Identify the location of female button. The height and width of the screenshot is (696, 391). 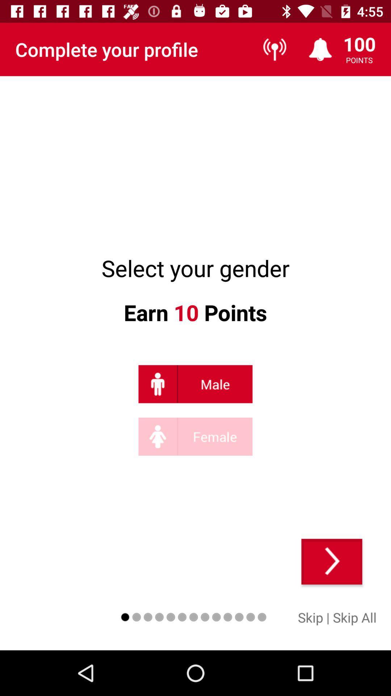
(195, 436).